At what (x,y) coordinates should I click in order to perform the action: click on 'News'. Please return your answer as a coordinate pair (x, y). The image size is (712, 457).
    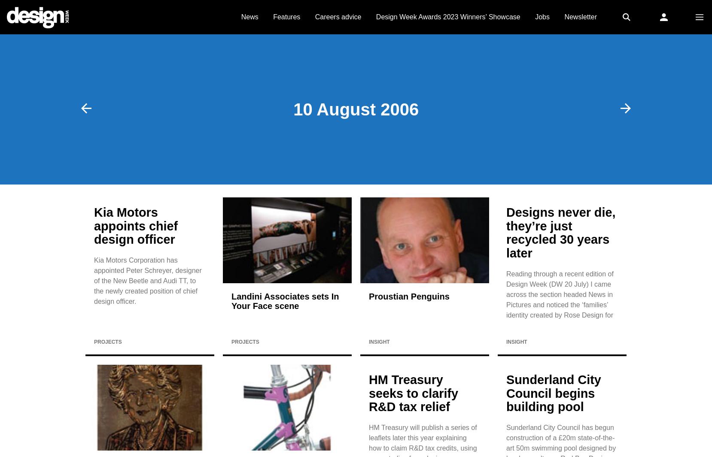
    Looking at the image, I should click on (249, 16).